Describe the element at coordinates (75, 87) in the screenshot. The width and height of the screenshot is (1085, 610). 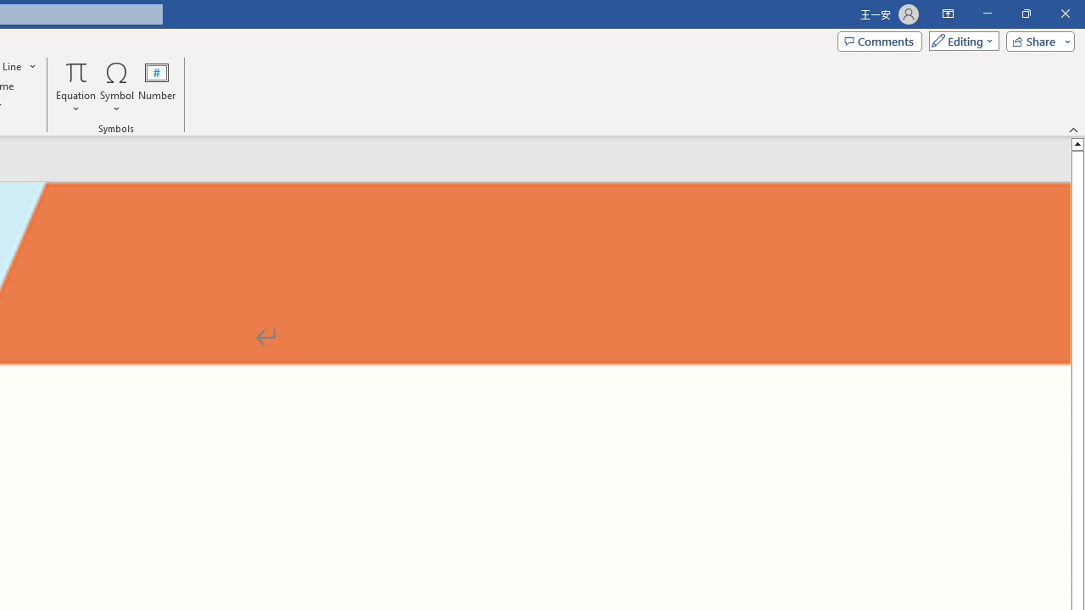
I see `'Equation'` at that location.